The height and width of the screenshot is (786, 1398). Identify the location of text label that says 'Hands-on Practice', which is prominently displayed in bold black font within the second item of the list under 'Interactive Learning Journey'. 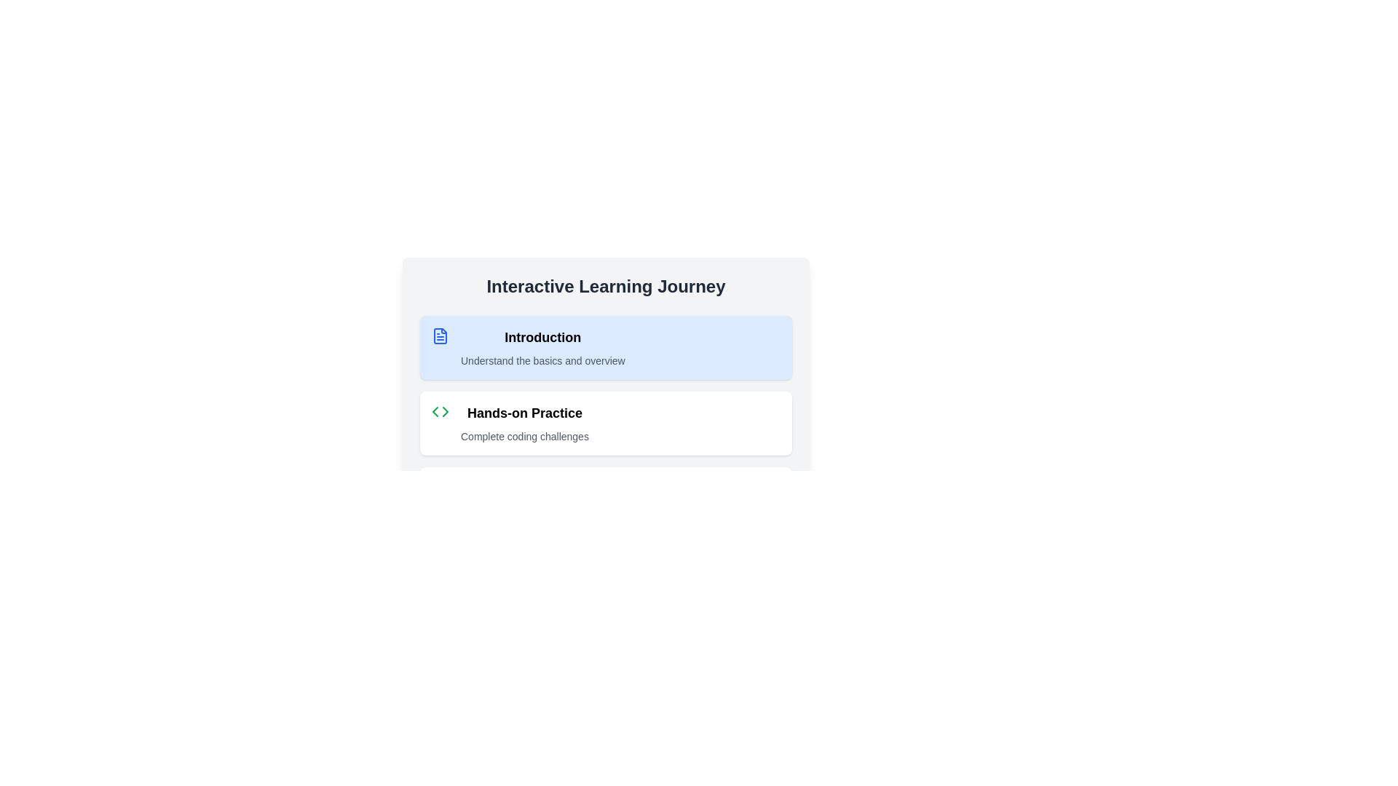
(524, 413).